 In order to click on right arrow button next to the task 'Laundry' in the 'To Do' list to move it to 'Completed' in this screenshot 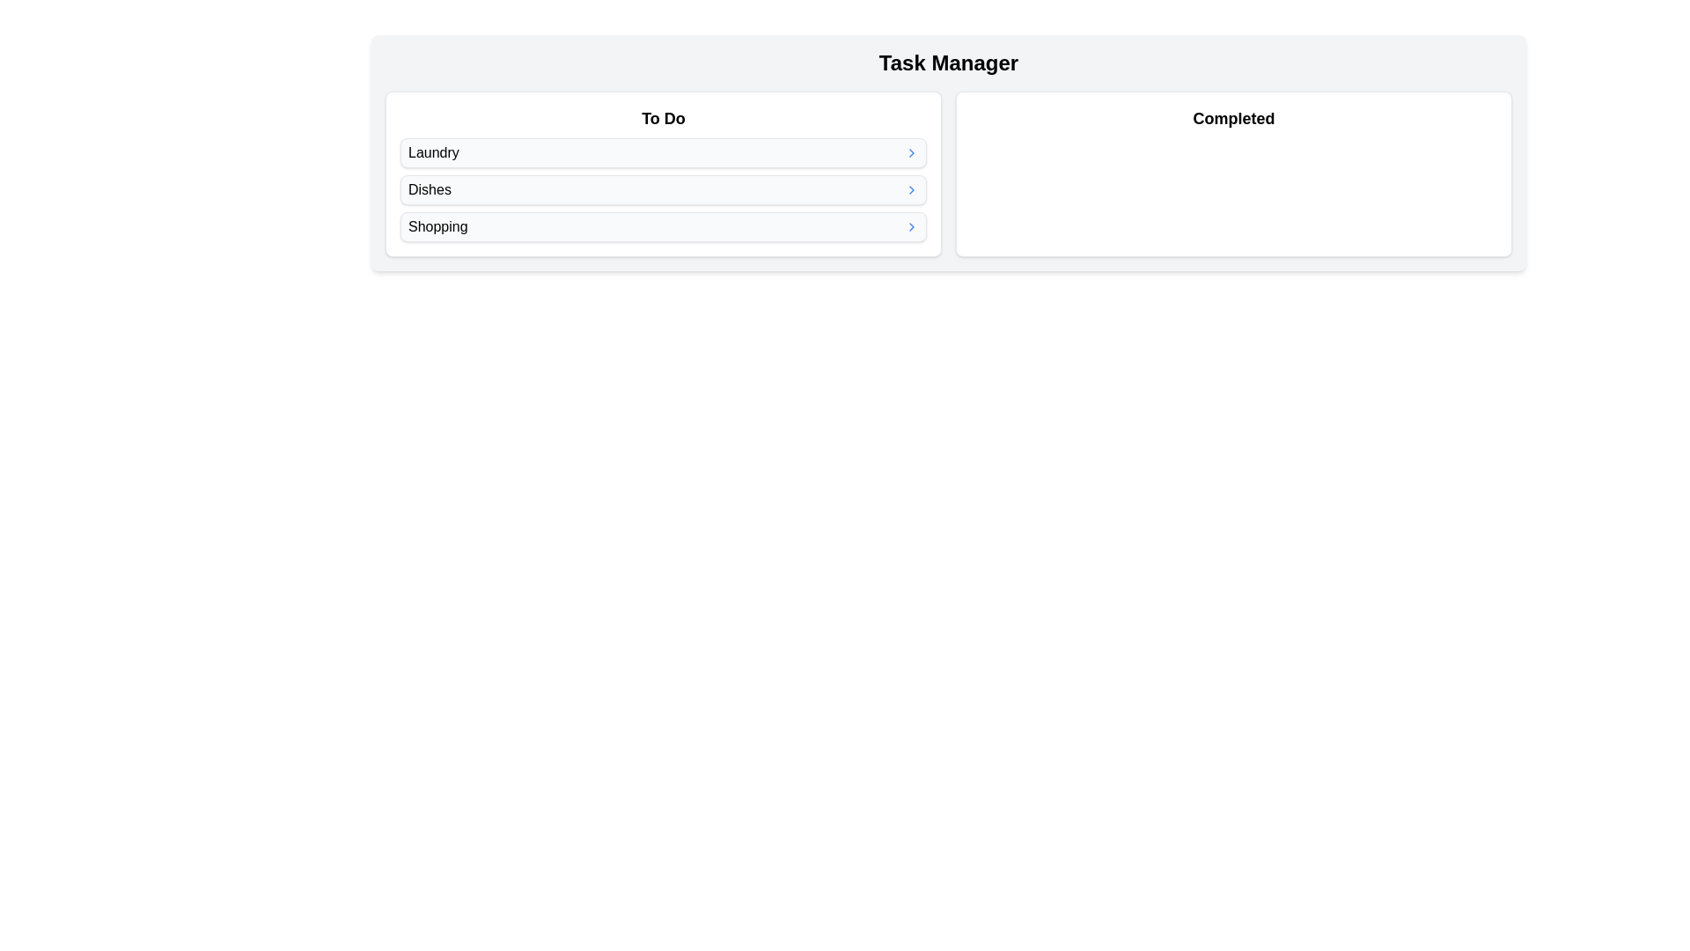, I will do `click(912, 151)`.